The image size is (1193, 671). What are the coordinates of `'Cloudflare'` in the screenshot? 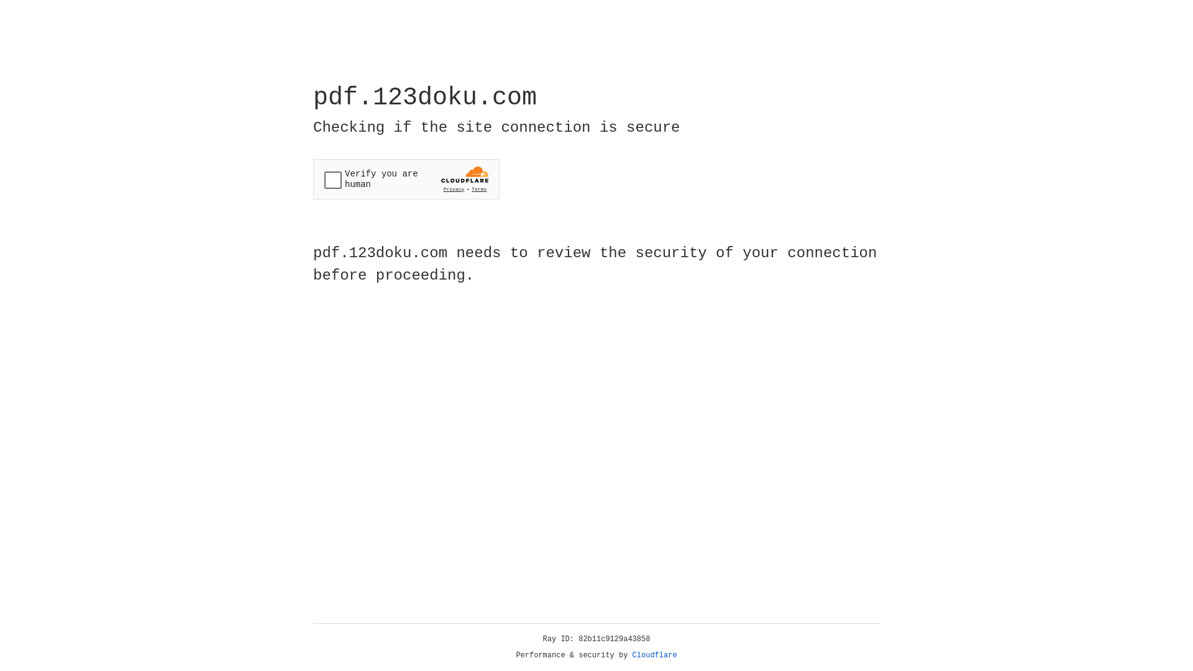 It's located at (654, 655).